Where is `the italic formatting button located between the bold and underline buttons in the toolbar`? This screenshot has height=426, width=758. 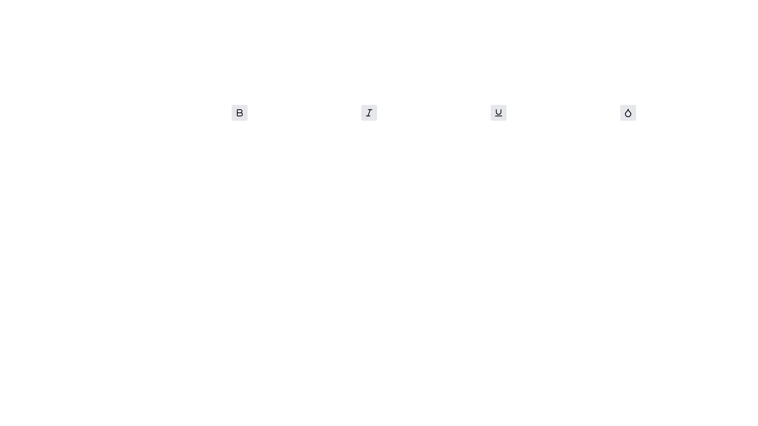
the italic formatting button located between the bold and underline buttons in the toolbar is located at coordinates (369, 112).